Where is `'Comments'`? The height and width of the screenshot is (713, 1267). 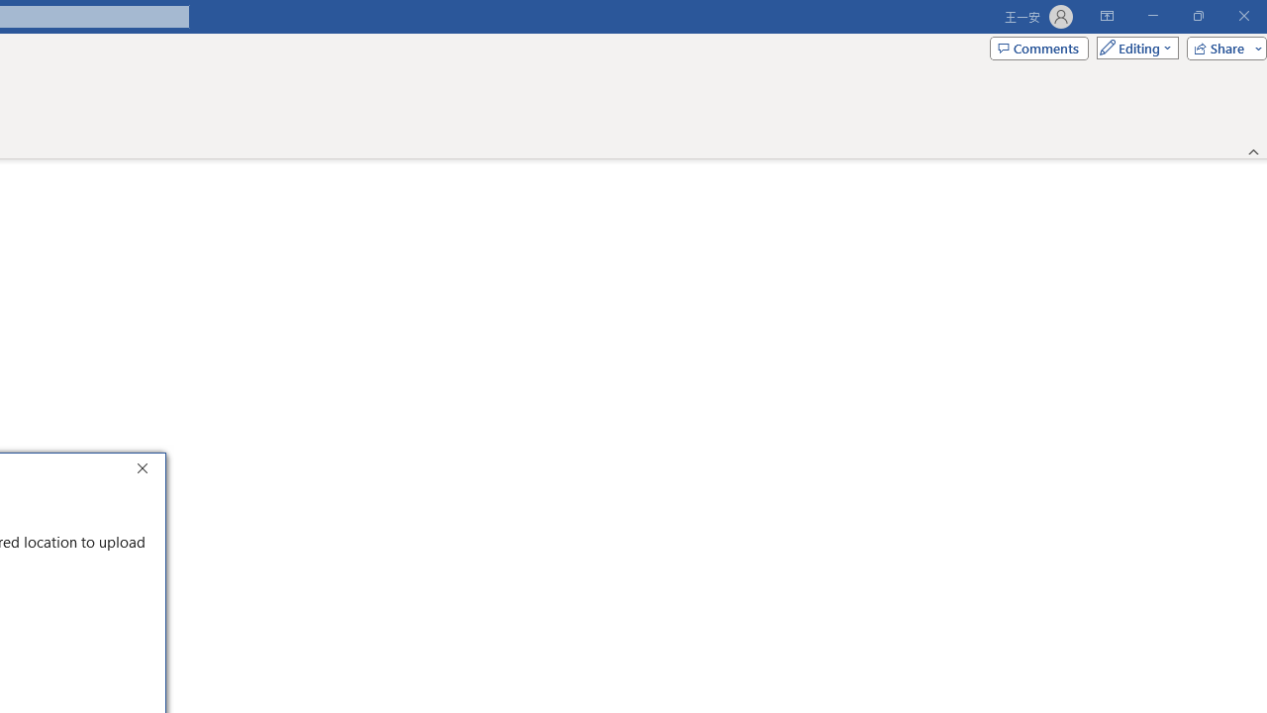 'Comments' is located at coordinates (1037, 47).